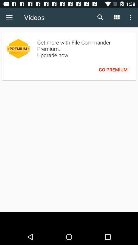  What do you see at coordinates (100, 17) in the screenshot?
I see `icon above the get more with` at bounding box center [100, 17].